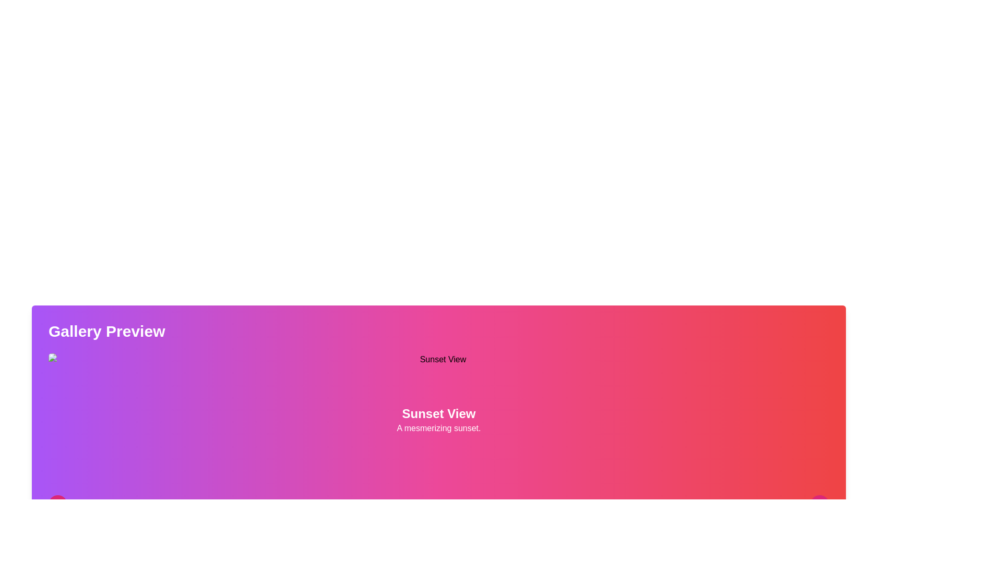 The image size is (1002, 563). I want to click on the static text heading that serves as a title for the content, positioned near the center of a purple-to-pink gradient background, above the description text 'A mesmerizing sunset.', so click(438, 413).